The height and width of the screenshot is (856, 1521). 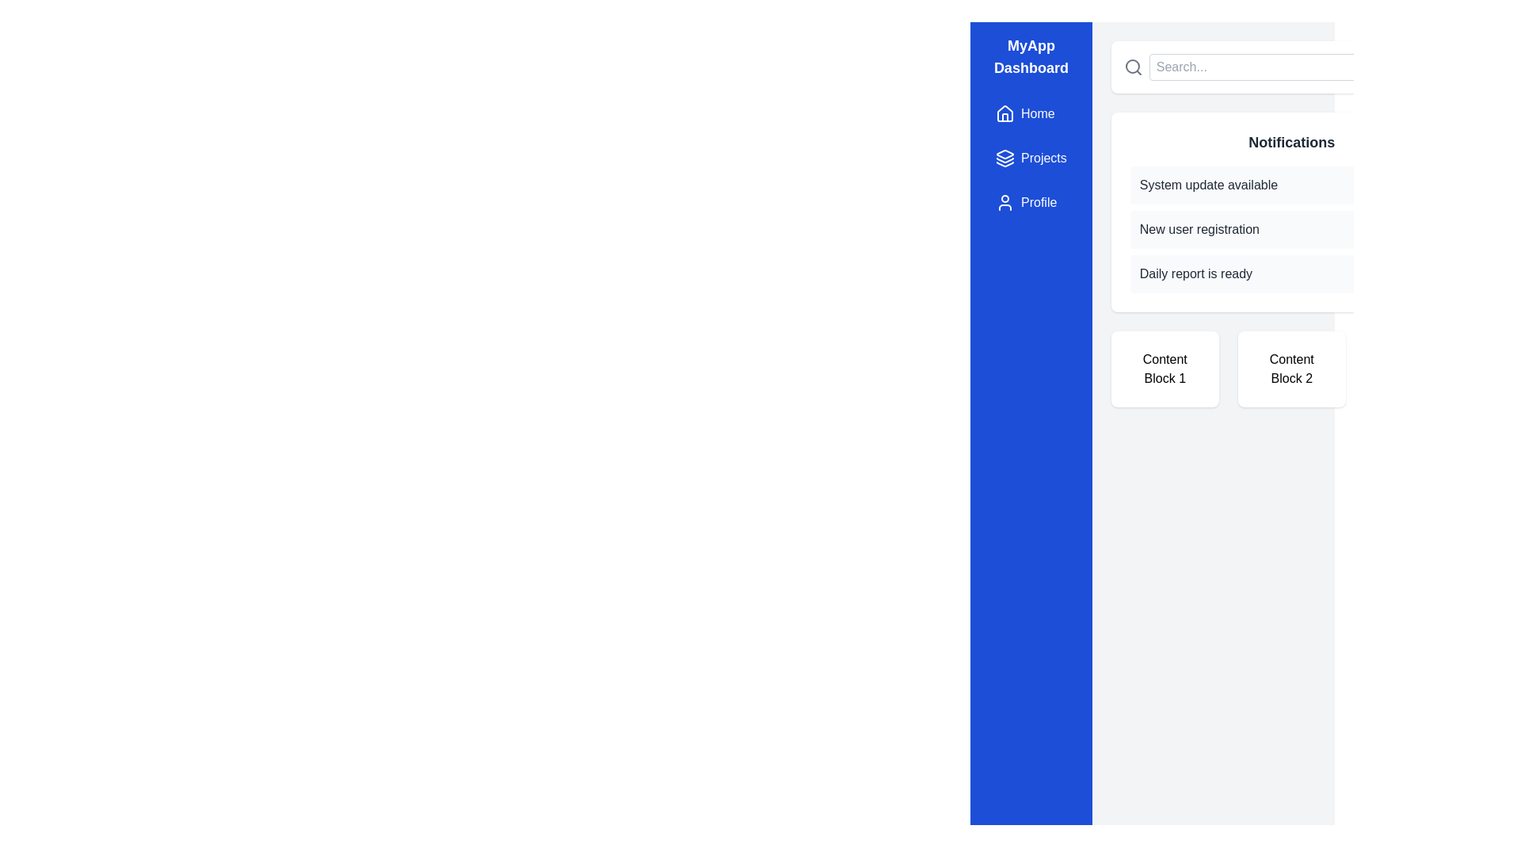 I want to click on the 'Projects' option in the Navigational menu, so click(x=1031, y=159).